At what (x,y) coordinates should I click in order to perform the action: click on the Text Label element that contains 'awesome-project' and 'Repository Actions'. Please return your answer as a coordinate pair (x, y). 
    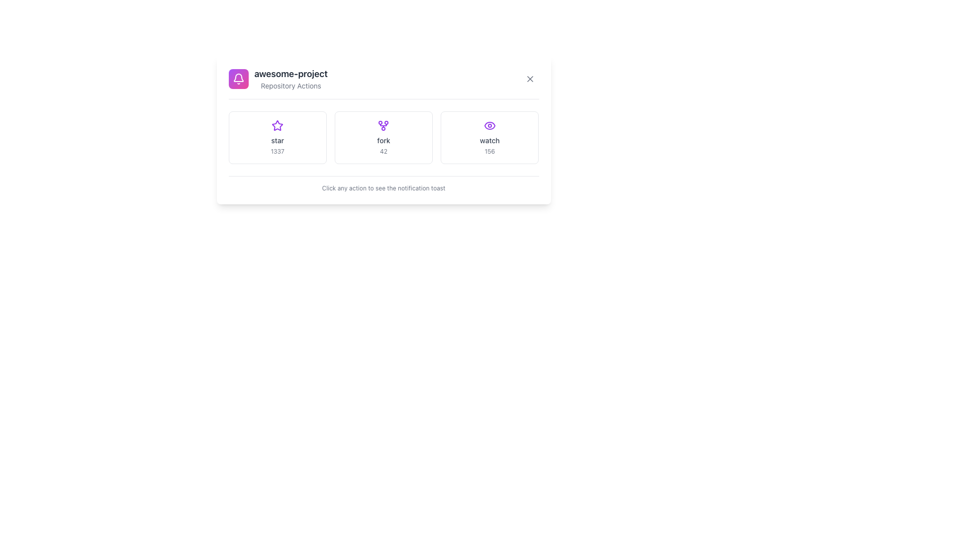
    Looking at the image, I should click on (290, 78).